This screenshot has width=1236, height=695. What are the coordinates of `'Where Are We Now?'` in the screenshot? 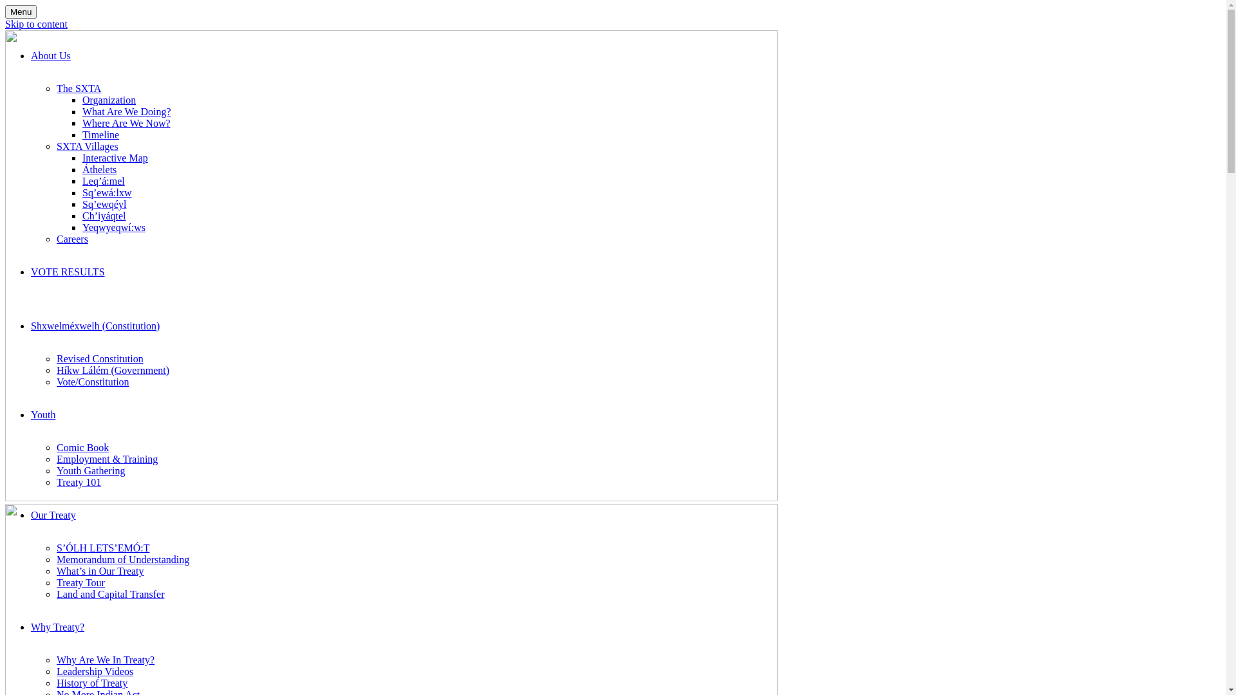 It's located at (126, 123).